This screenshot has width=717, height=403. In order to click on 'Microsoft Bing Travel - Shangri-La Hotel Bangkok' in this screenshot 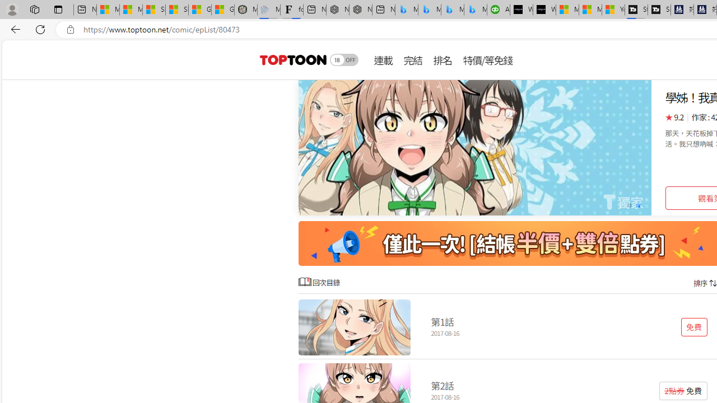, I will do `click(476, 10)`.